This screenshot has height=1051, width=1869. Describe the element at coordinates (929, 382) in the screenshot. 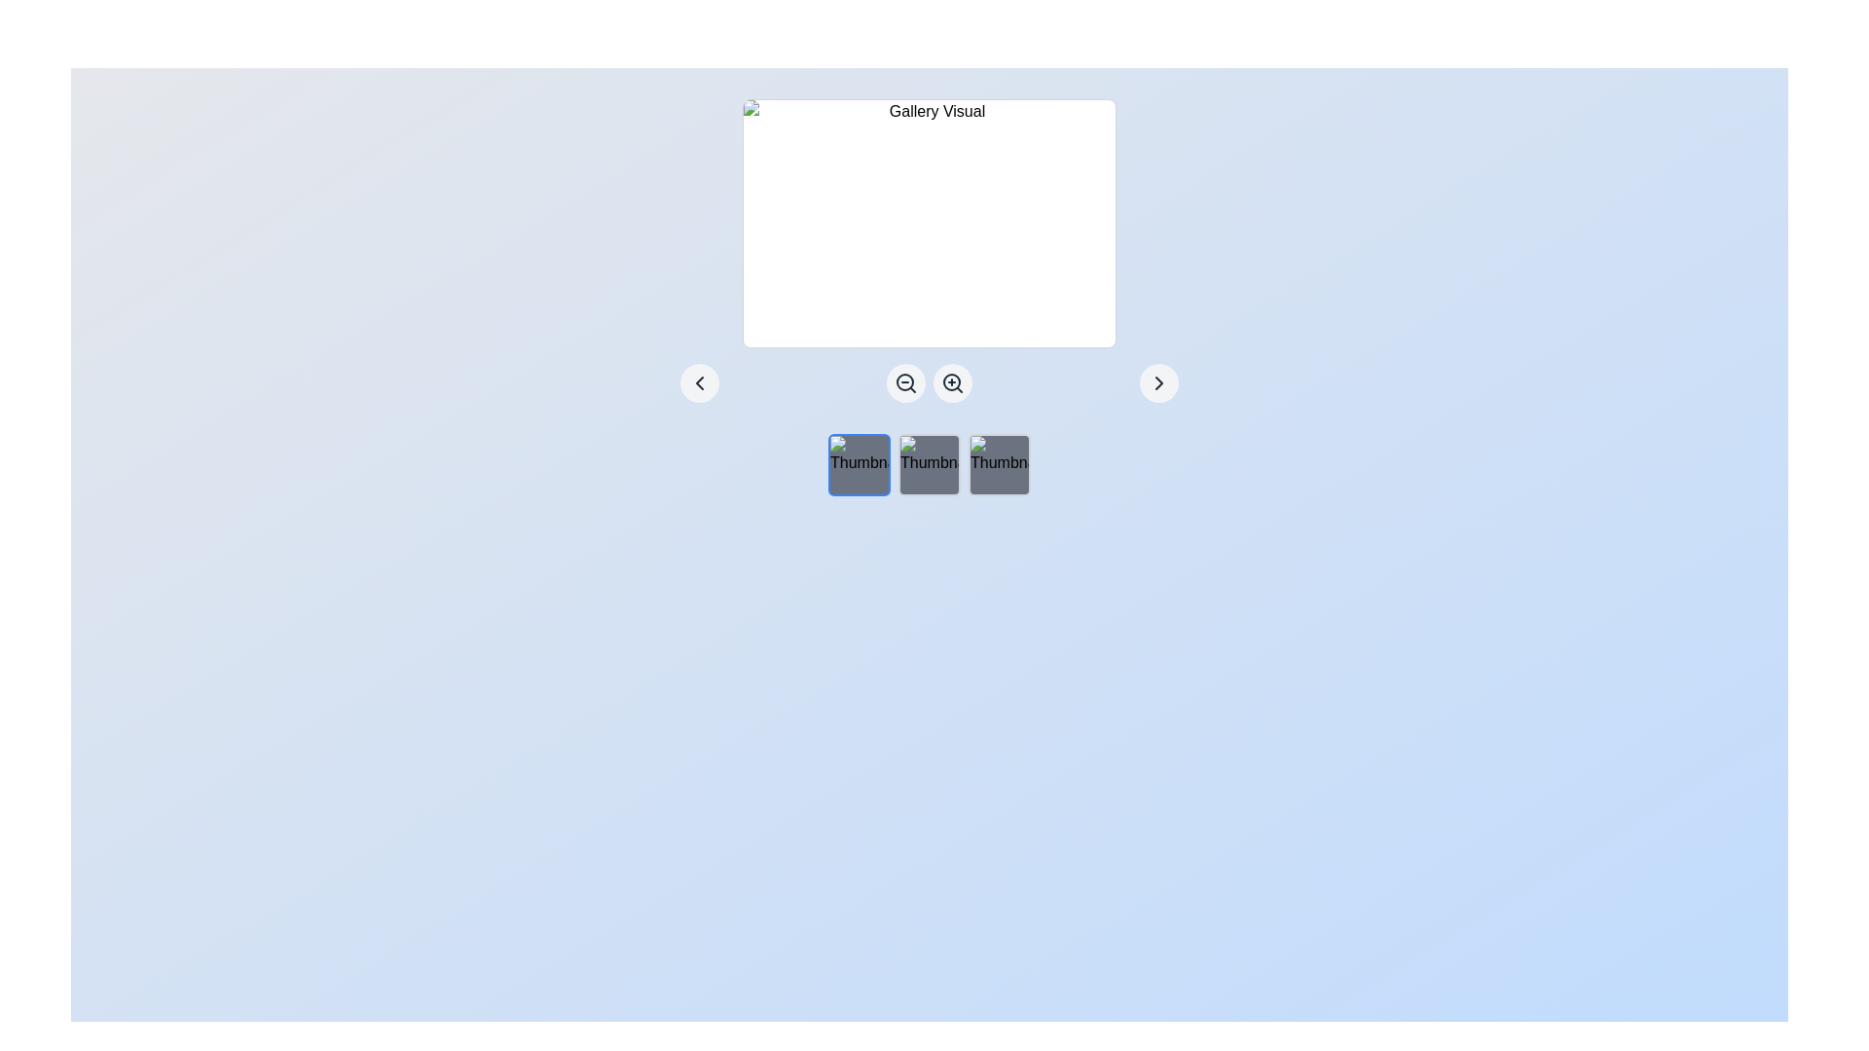

I see `the zoom in button, which is a circular button with a magnifying glass and a plus symbol, located at the center bottom of the interface beneath the 'Gallery Visual.'` at that location.